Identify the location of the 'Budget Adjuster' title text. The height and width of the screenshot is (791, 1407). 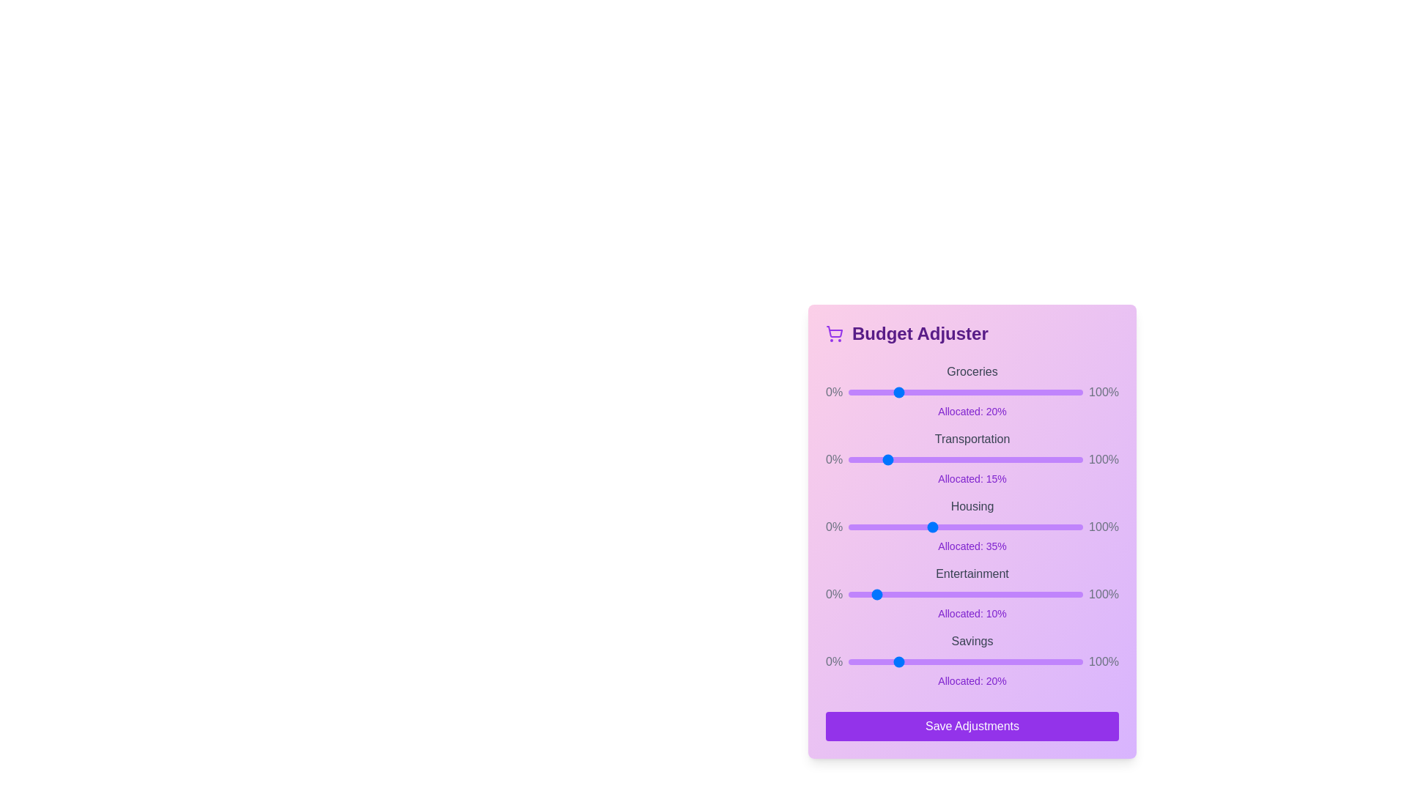
(972, 333).